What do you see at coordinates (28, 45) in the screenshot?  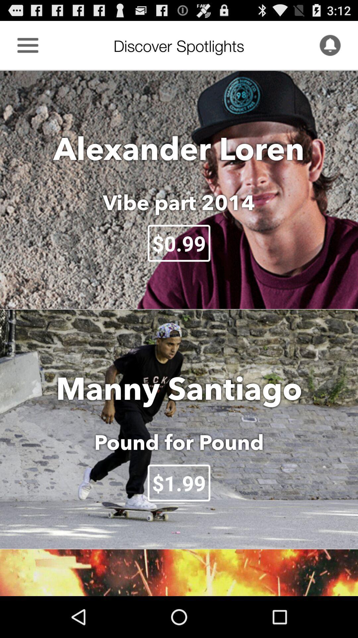 I see `the icon at the top left corner` at bounding box center [28, 45].